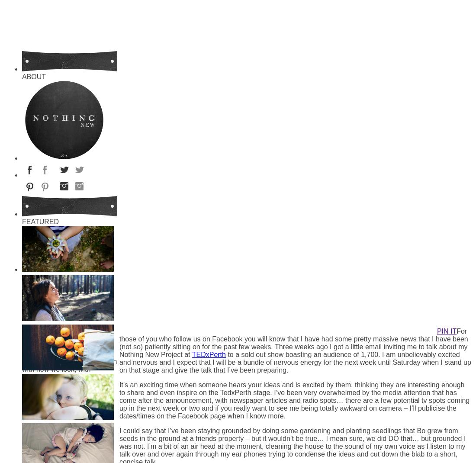  I want to click on 'ABOUT', so click(22, 77).